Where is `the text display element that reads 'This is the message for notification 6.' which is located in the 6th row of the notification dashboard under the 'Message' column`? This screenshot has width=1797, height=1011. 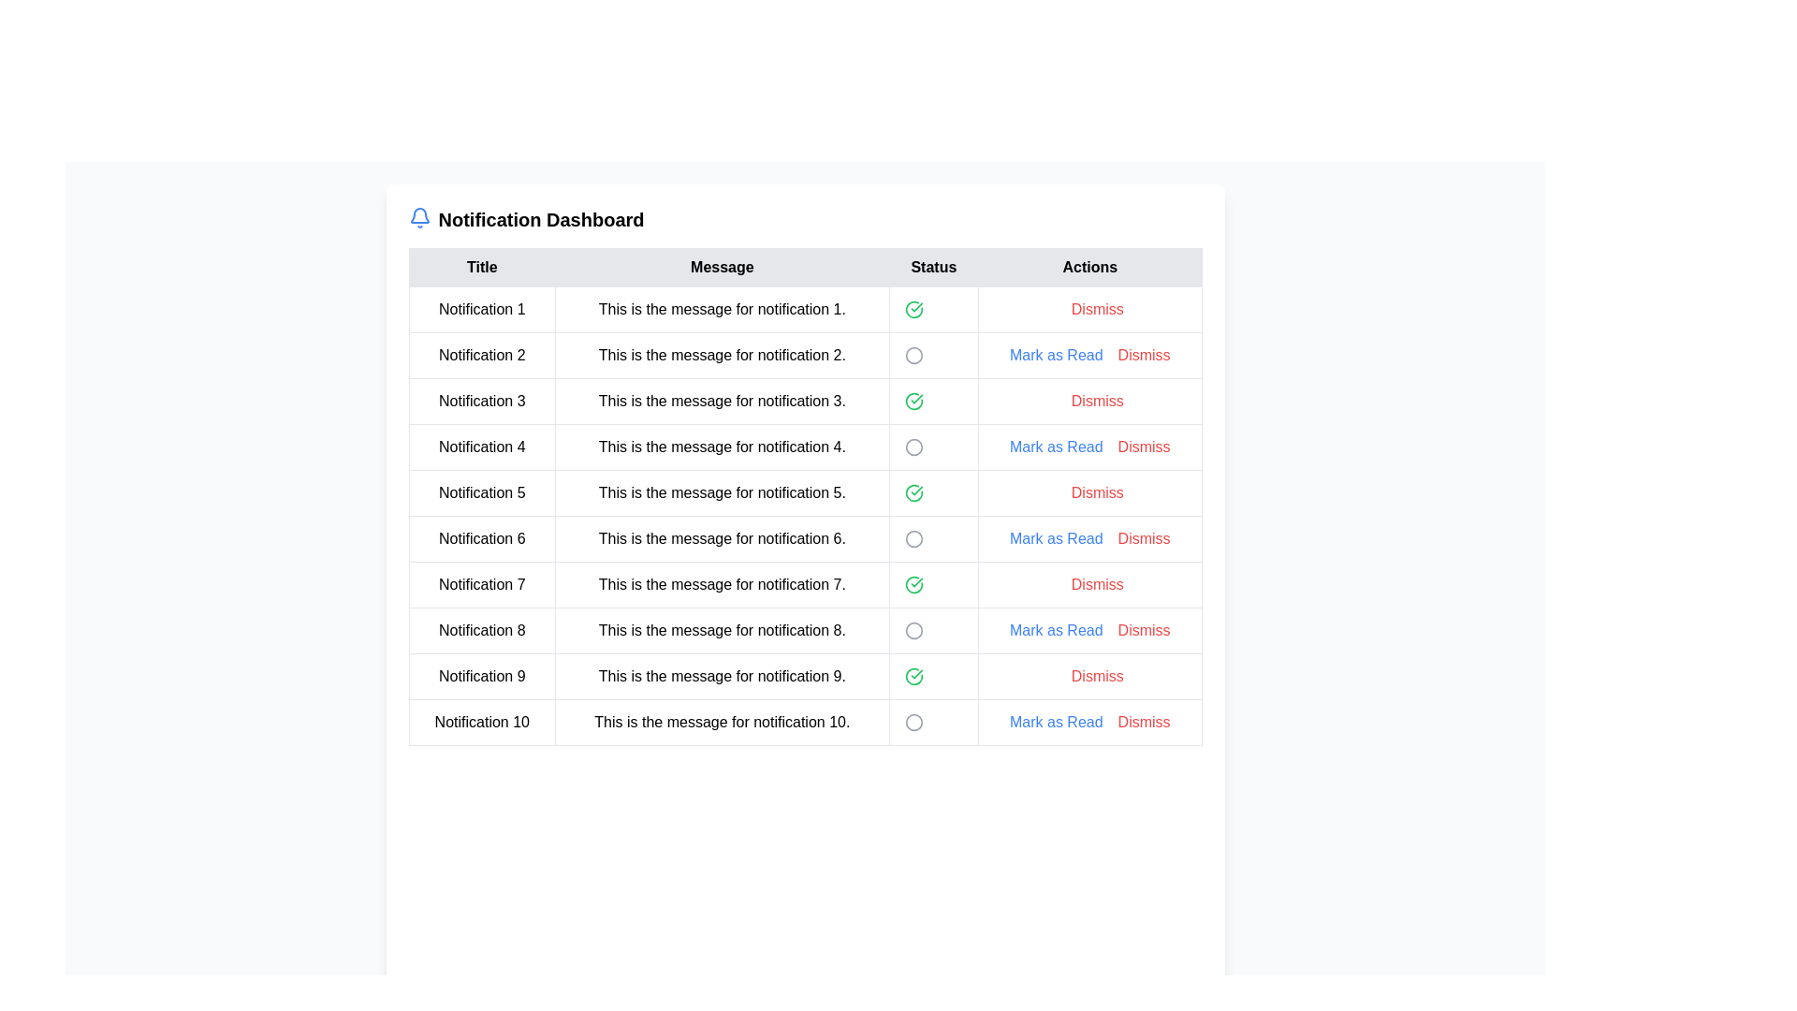
the text display element that reads 'This is the message for notification 6.' which is located in the 6th row of the notification dashboard under the 'Message' column is located at coordinates (721, 538).